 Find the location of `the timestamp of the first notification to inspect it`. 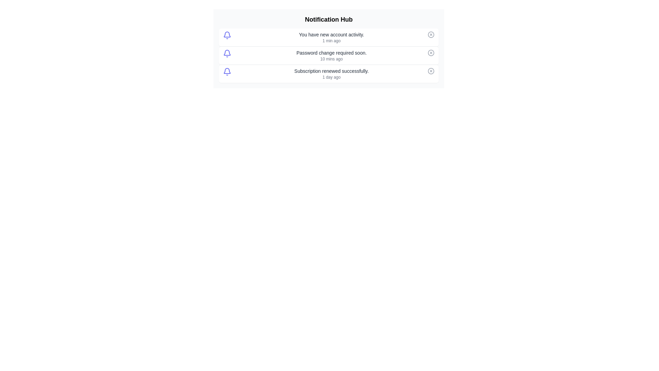

the timestamp of the first notification to inspect it is located at coordinates (331, 41).